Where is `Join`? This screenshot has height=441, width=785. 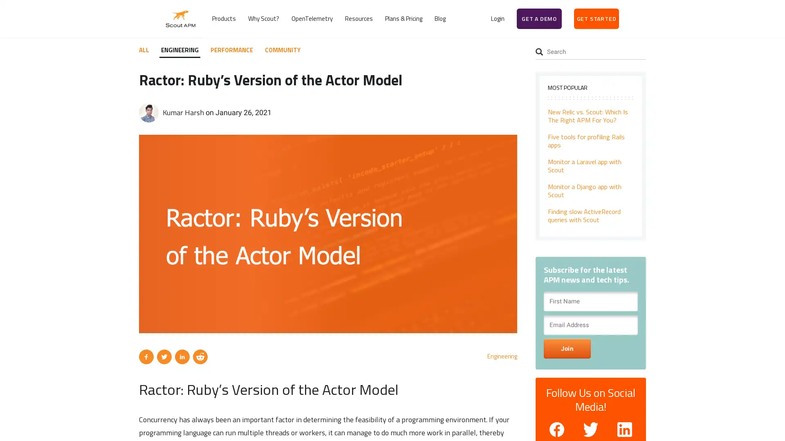 Join is located at coordinates (567, 348).